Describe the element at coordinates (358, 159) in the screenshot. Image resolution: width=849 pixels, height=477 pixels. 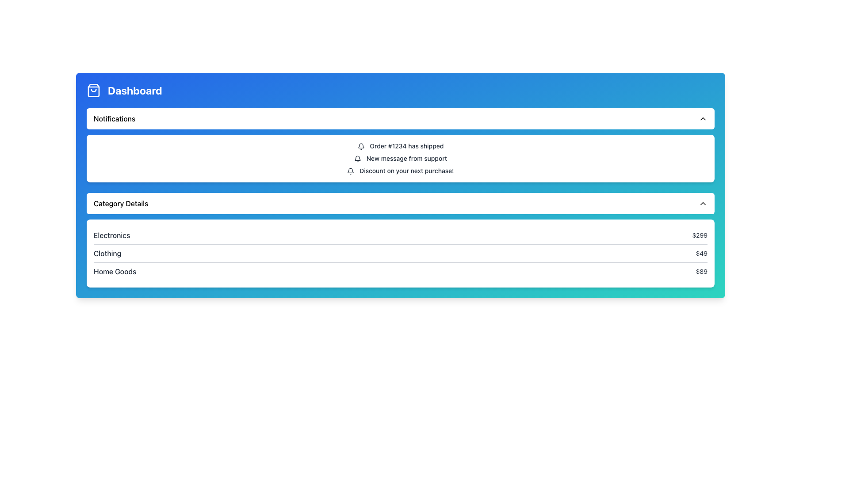
I see `the Bell Notification Indicator icon that signifies a notification for 'New message from support.'` at that location.